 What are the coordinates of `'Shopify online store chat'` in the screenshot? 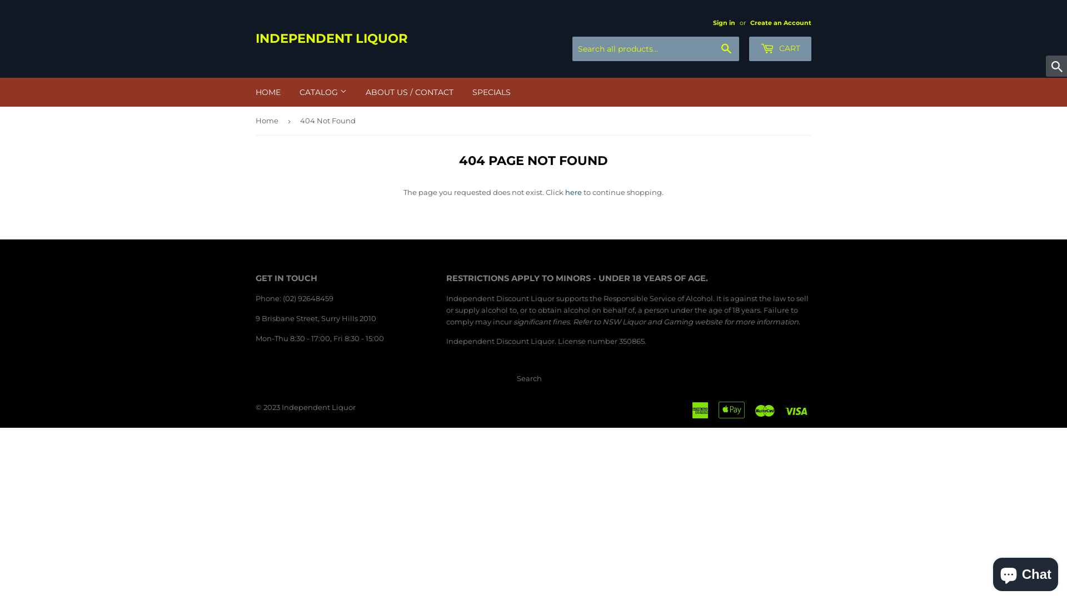 It's located at (989, 572).